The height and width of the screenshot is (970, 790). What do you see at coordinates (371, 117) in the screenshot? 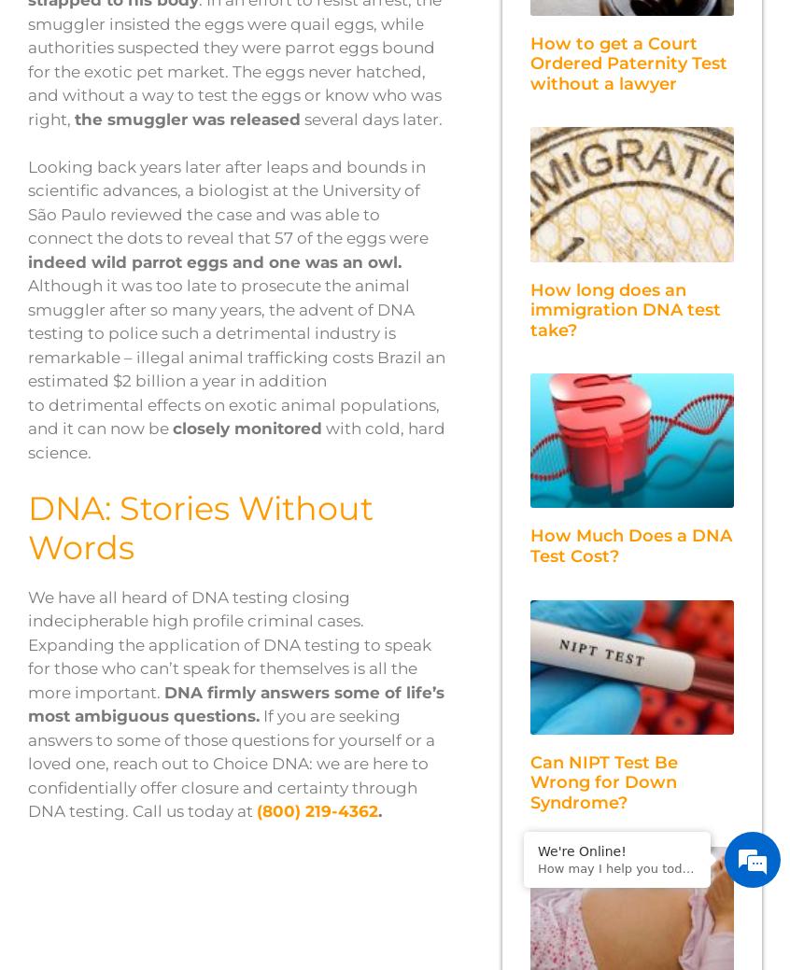
I see `'several days later.'` at bounding box center [371, 117].